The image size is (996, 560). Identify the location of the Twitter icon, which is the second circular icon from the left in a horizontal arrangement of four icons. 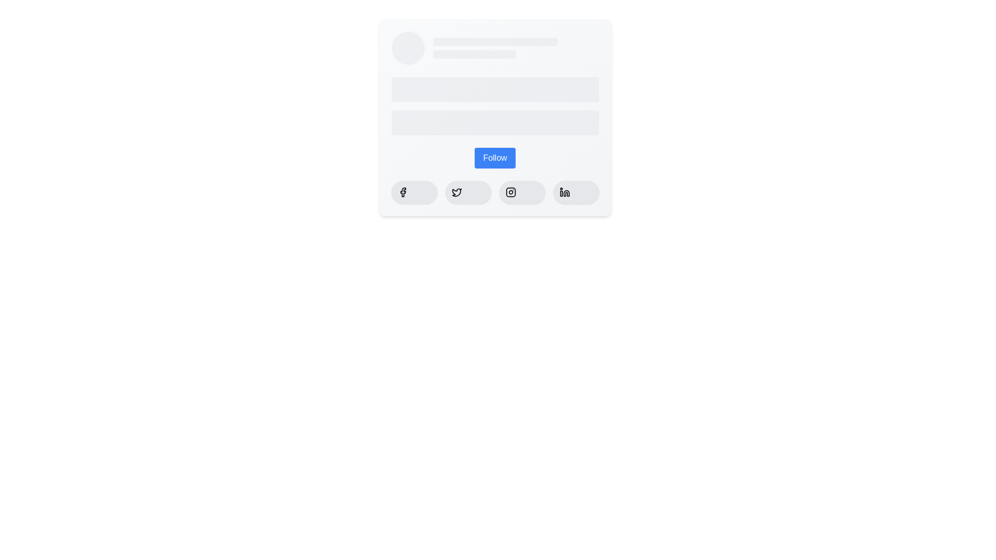
(457, 192).